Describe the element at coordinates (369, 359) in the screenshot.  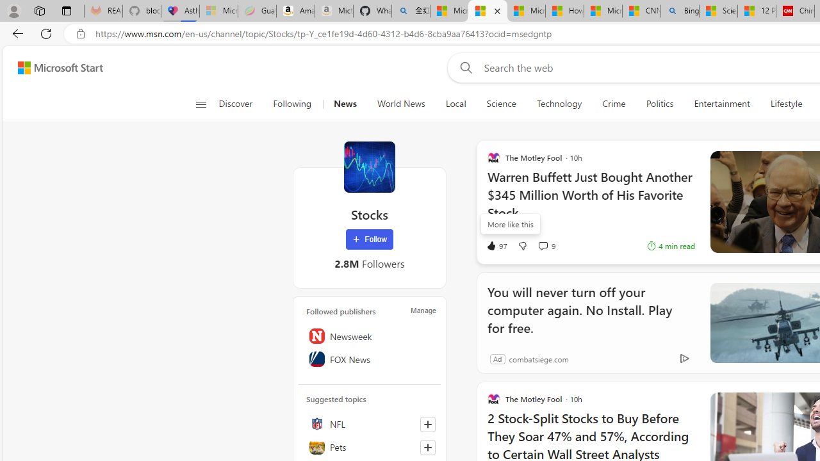
I see `'FOX News'` at that location.